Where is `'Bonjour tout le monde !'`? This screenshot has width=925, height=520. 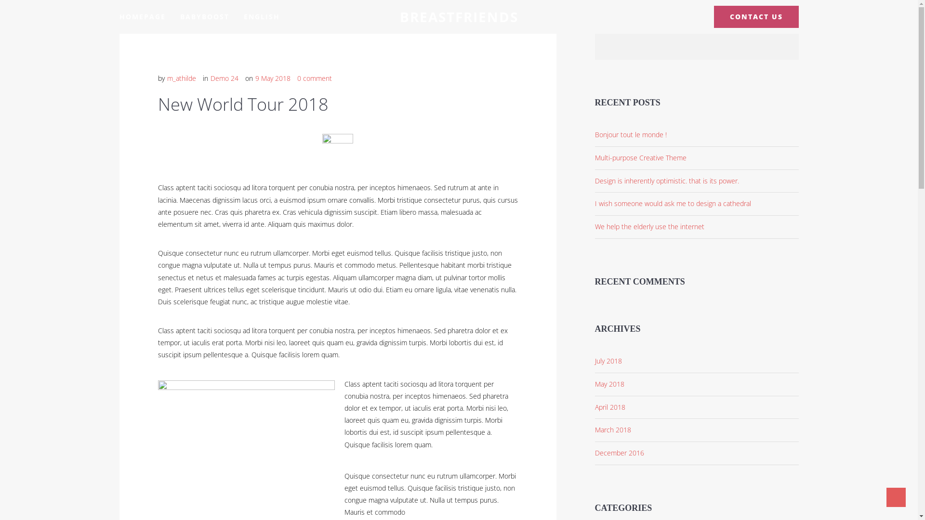 'Bonjour tout le monde !' is located at coordinates (696, 135).